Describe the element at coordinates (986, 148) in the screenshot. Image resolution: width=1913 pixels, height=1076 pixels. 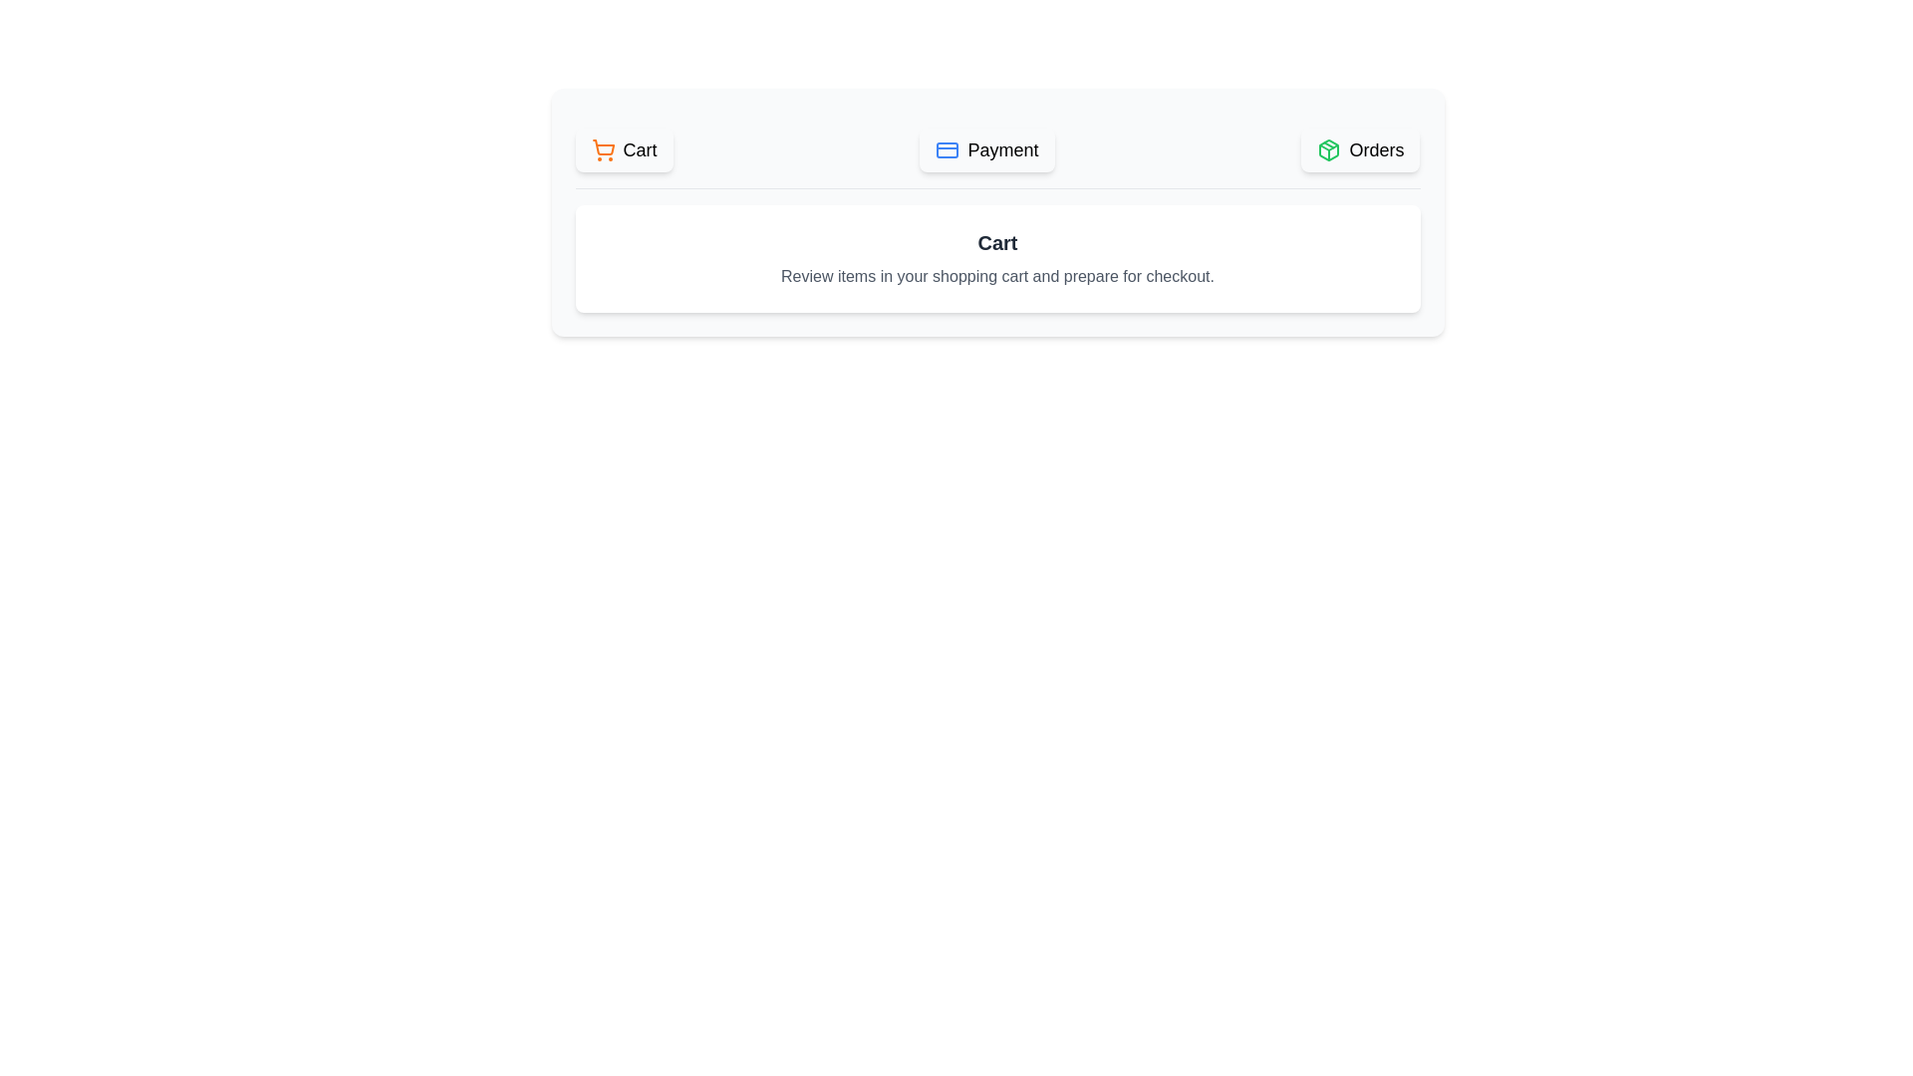
I see `the button labeled Payment to observe its hover effect` at that location.